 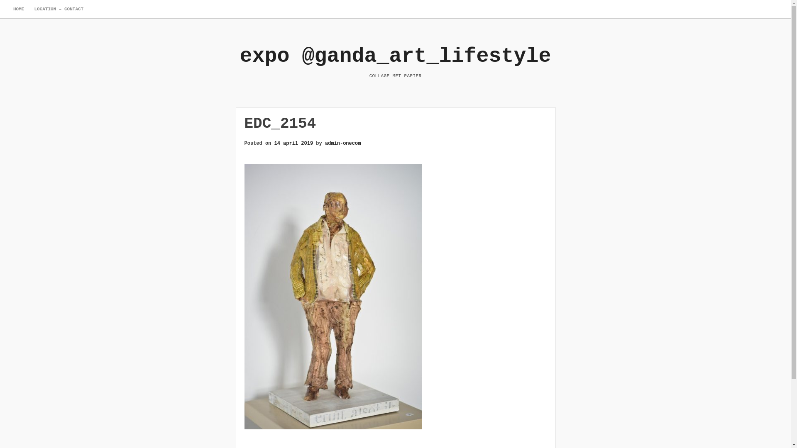 What do you see at coordinates (294, 142) in the screenshot?
I see `'14 april 2019'` at bounding box center [294, 142].